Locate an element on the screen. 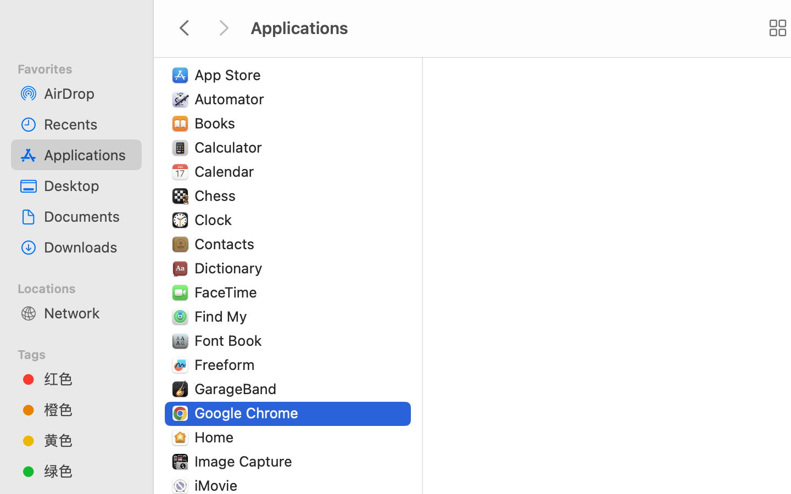 This screenshot has width=791, height=494. 'Books' is located at coordinates (217, 123).